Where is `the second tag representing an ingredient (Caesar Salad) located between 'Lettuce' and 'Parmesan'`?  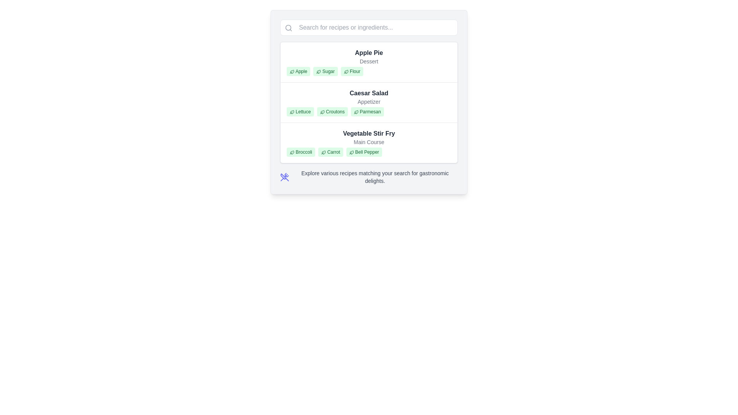
the second tag representing an ingredient (Caesar Salad) located between 'Lettuce' and 'Parmesan' is located at coordinates (332, 111).